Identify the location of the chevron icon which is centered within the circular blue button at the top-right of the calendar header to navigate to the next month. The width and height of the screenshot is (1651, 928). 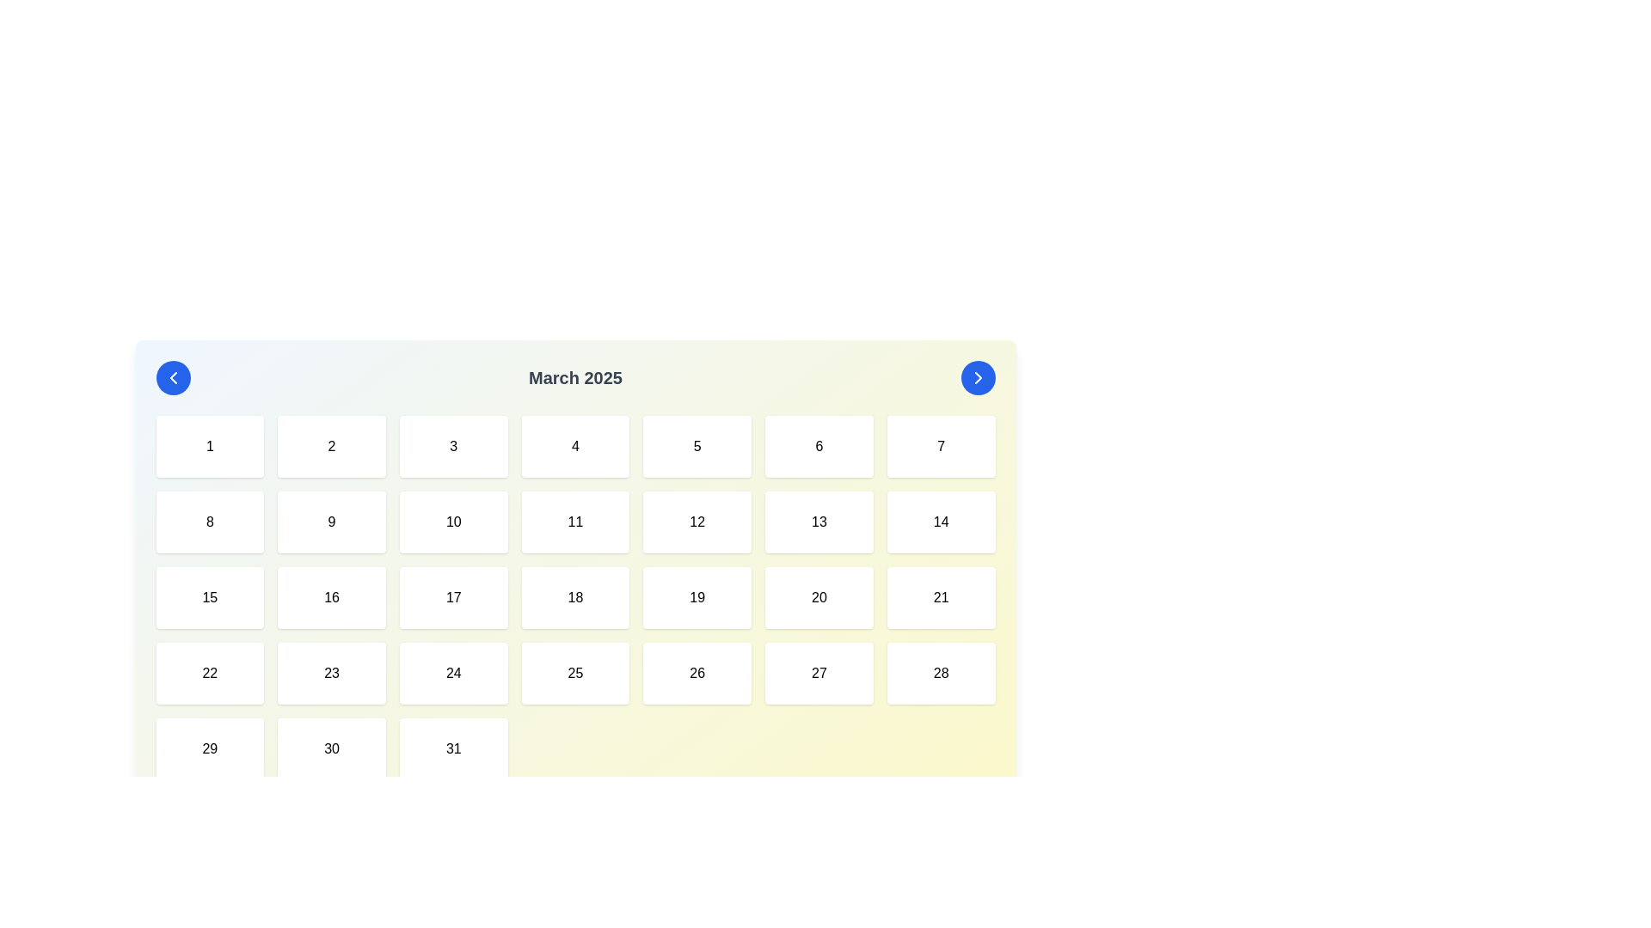
(978, 376).